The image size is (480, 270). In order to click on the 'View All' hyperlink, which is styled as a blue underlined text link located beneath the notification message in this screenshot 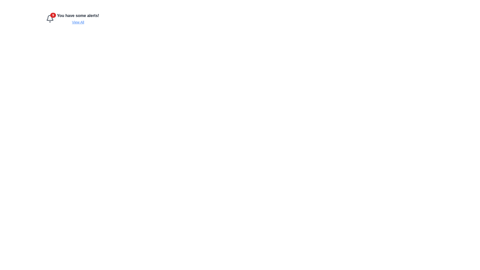, I will do `click(78, 22)`.